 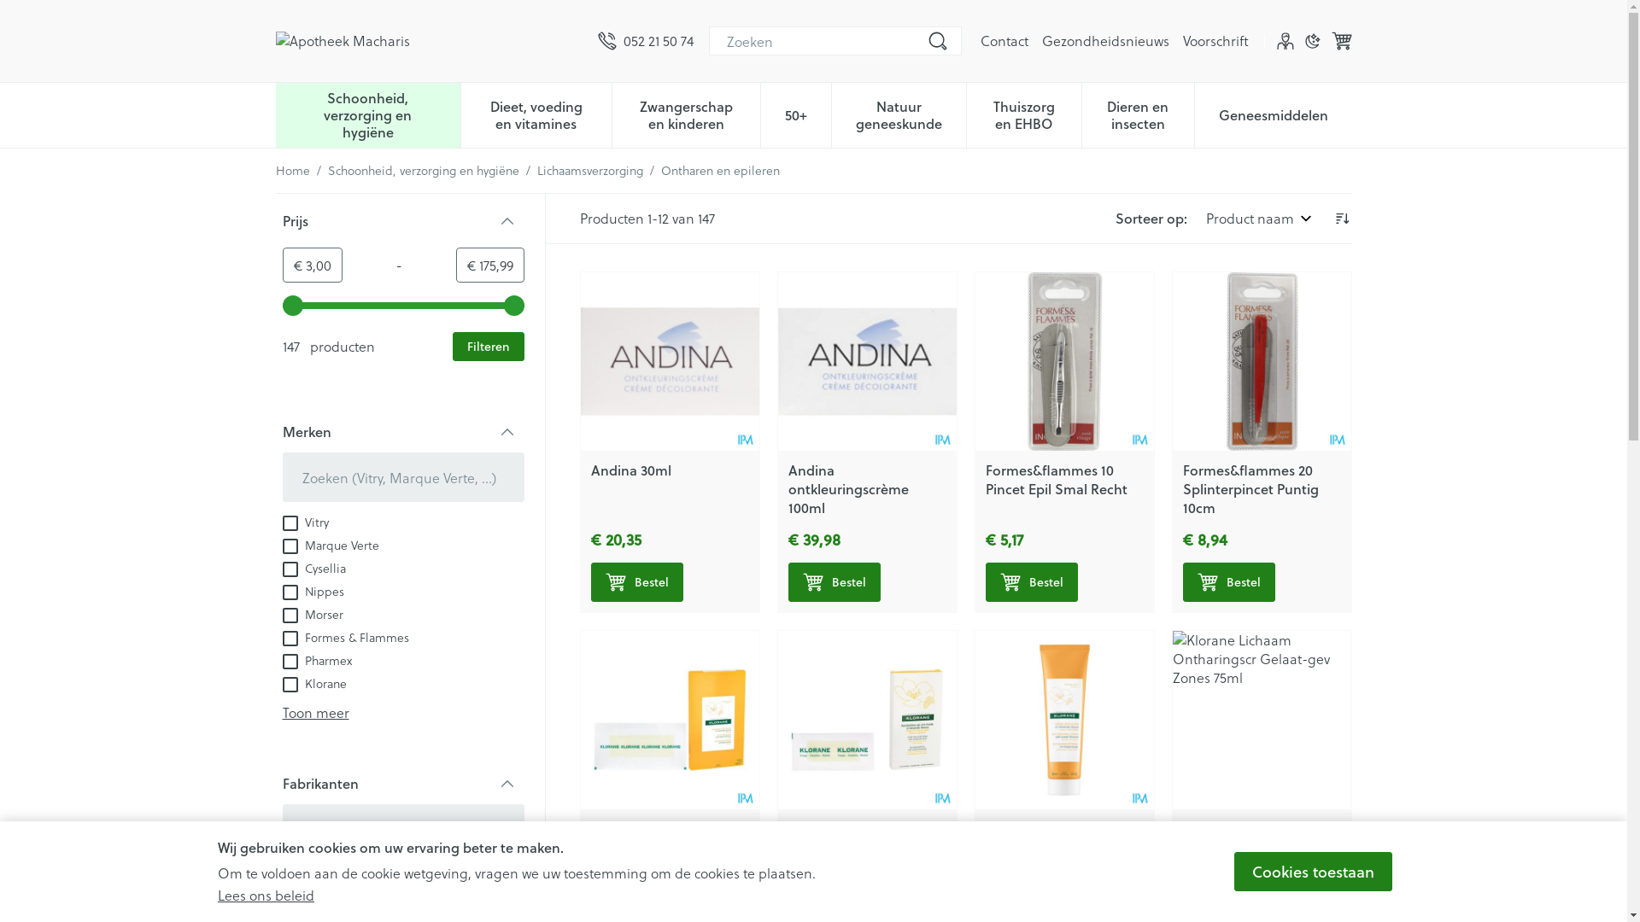 What do you see at coordinates (487, 346) in the screenshot?
I see `'Filteren'` at bounding box center [487, 346].